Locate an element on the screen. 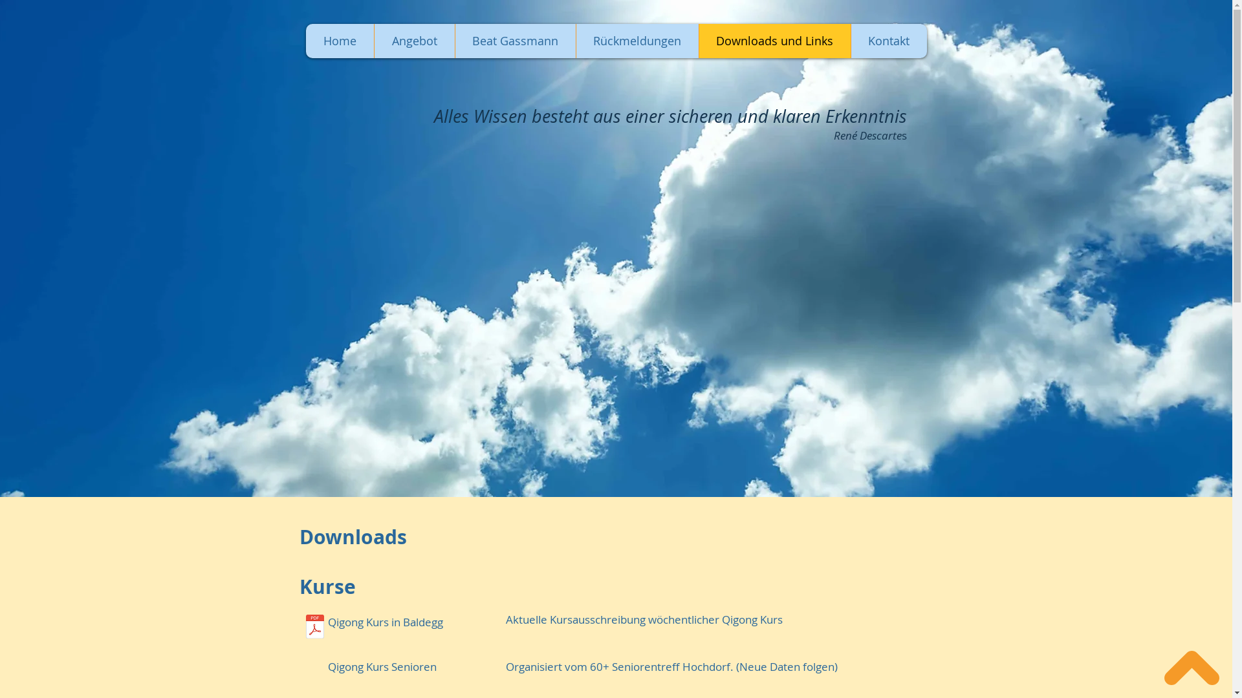 This screenshot has width=1242, height=698. 'QigongBaldeggAugust23-Februar24.pdf' is located at coordinates (314, 628).